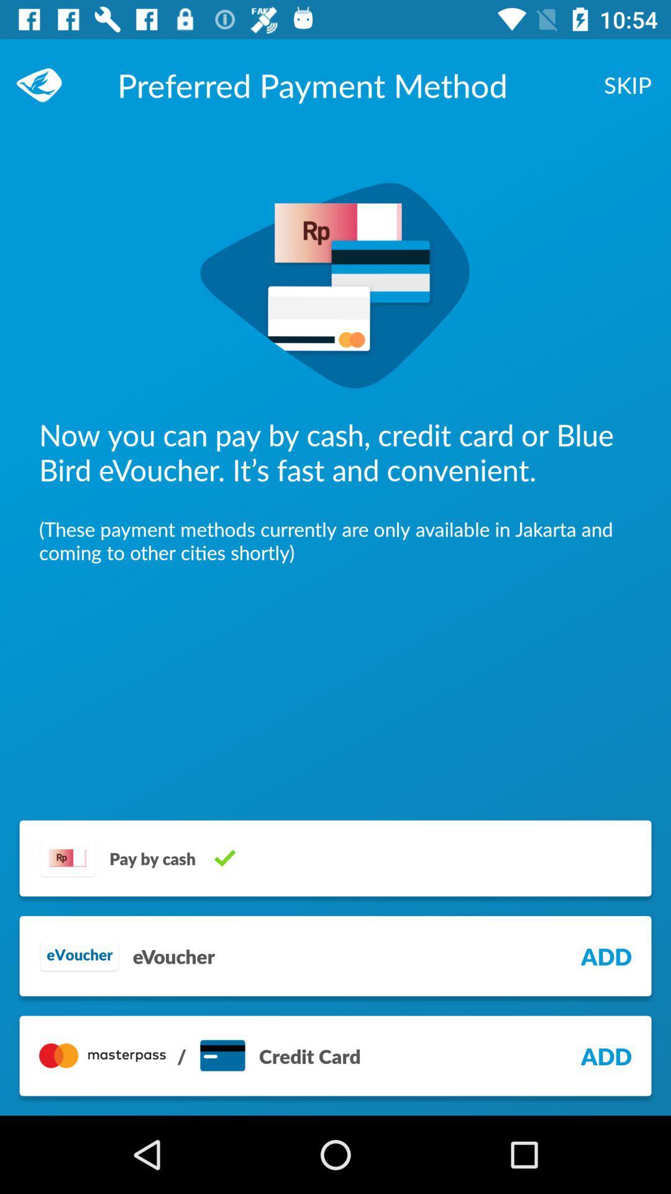  What do you see at coordinates (628, 84) in the screenshot?
I see `the icon above the now you can item` at bounding box center [628, 84].